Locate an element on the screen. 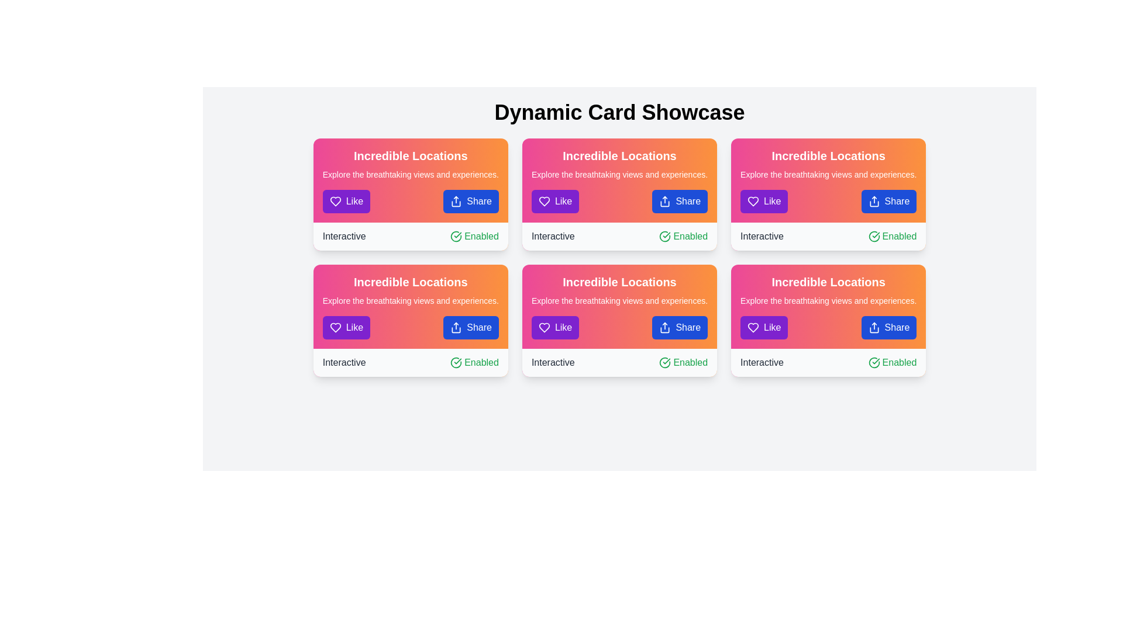  the 'Share' button located to the right of the 'Like' button at the bottom of the card layout is located at coordinates (680, 327).